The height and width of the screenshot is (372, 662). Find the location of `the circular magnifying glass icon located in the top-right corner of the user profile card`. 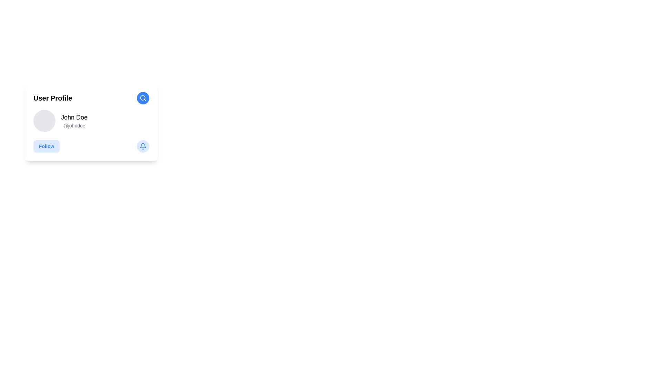

the circular magnifying glass icon located in the top-right corner of the user profile card is located at coordinates (142, 98).